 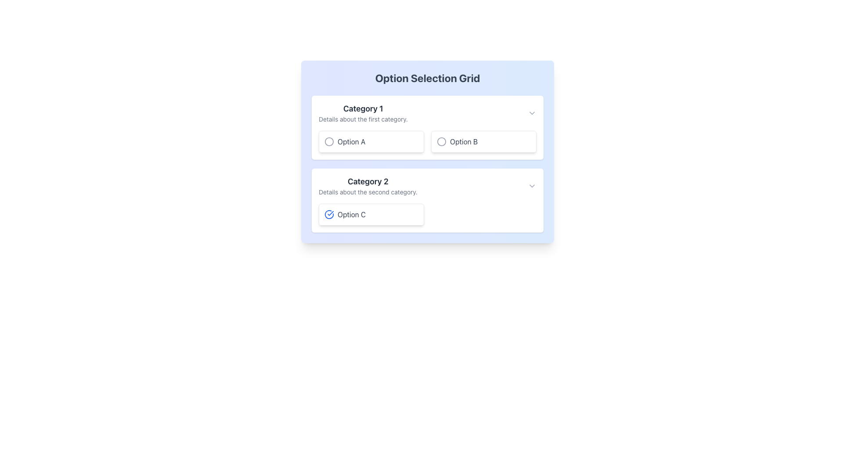 I want to click on the selectable button labeled 'Option A' in the first row of the grid layout under 'Category 1', so click(x=371, y=141).